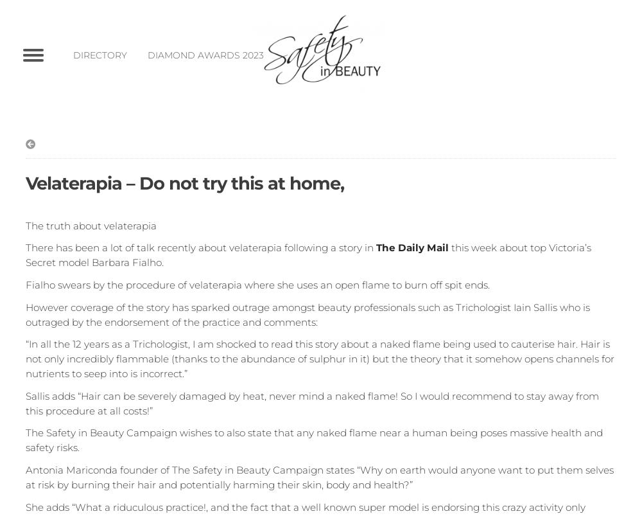 The height and width of the screenshot is (516, 642). I want to click on '“In all the 12 years as a Trichologist, I am shocked to read this story about a naked flame being used to cauterise hair. Hair is not only incredibly flammable (thanks to the abundance of sulphur in it) but the theory that it somehow opens channels for nutrients to seep into is incorrect.”', so click(319, 359).